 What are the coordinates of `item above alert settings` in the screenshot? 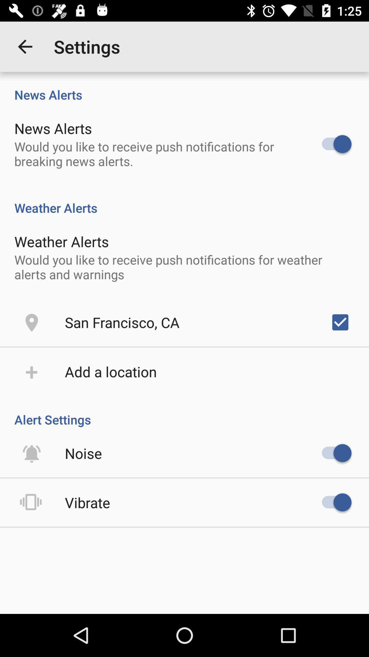 It's located at (340, 322).